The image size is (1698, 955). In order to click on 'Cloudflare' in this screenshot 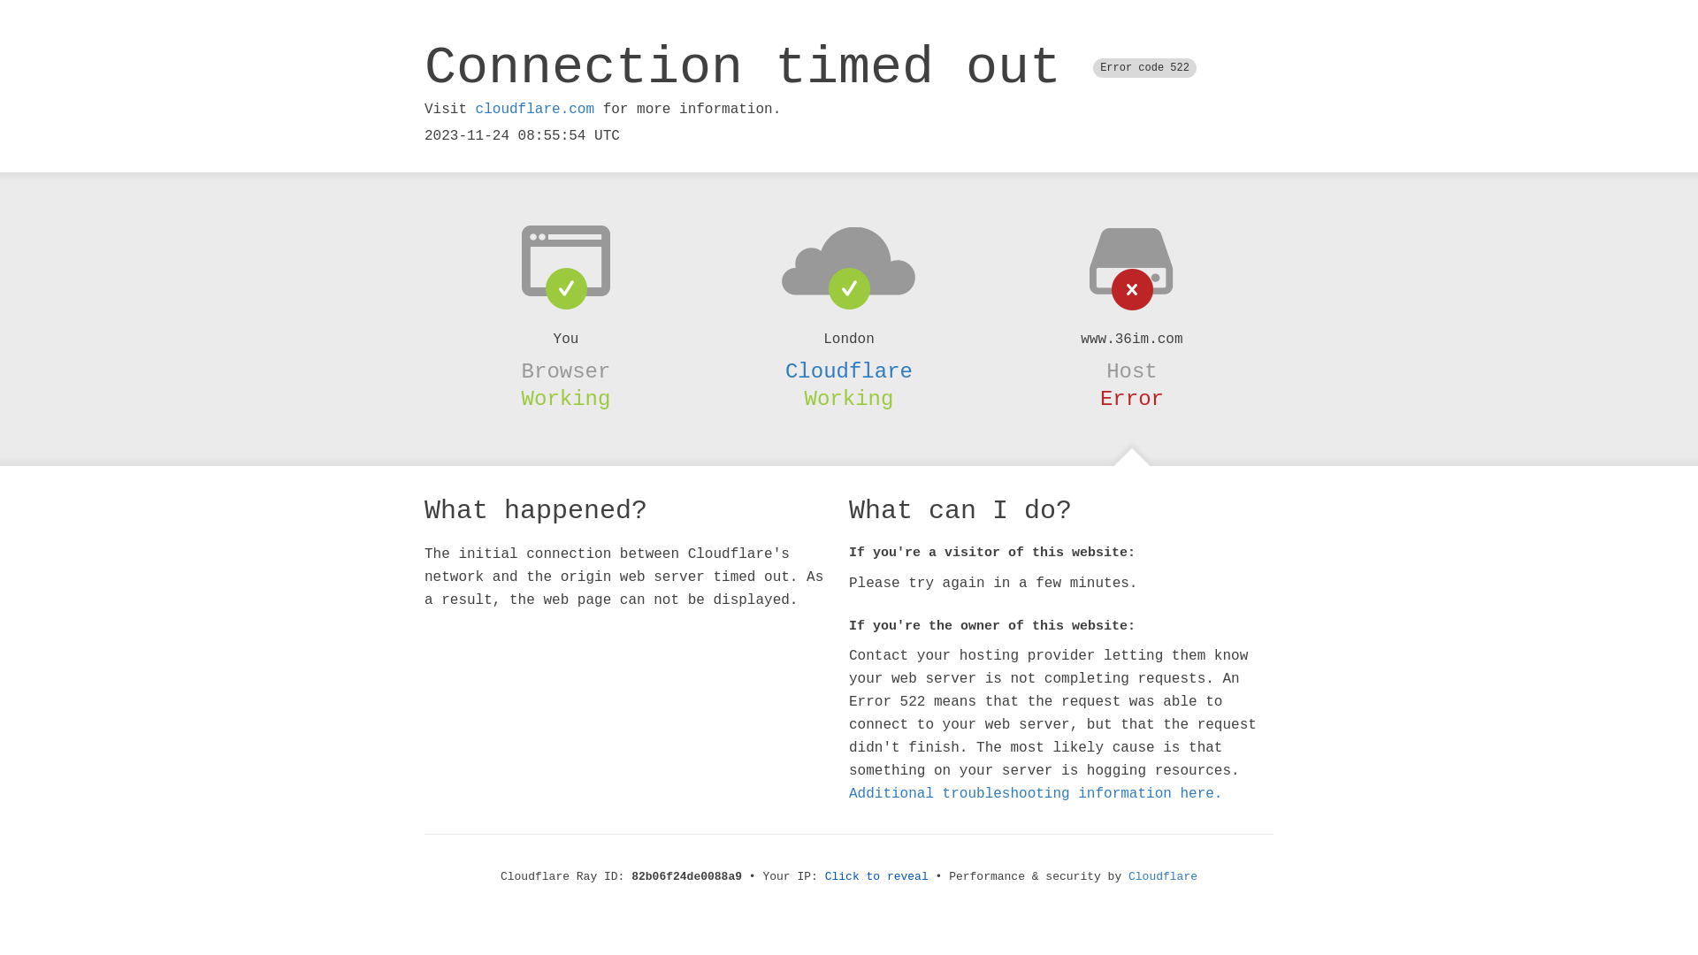, I will do `click(784, 371)`.